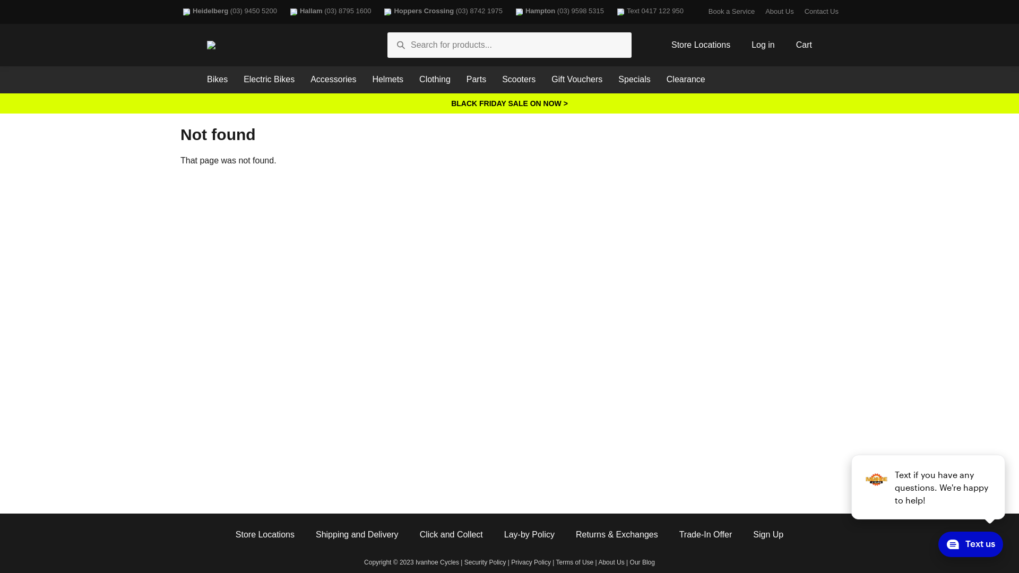 The height and width of the screenshot is (573, 1019). I want to click on 'Returns & Exchanges', so click(617, 535).